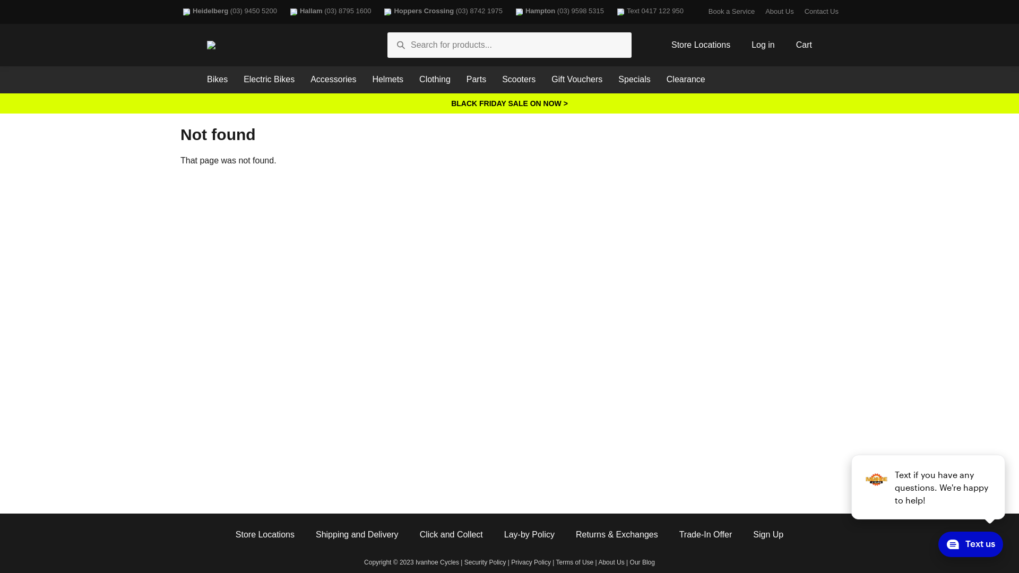 The height and width of the screenshot is (573, 1019). I want to click on 'Returns & Exchanges', so click(617, 535).